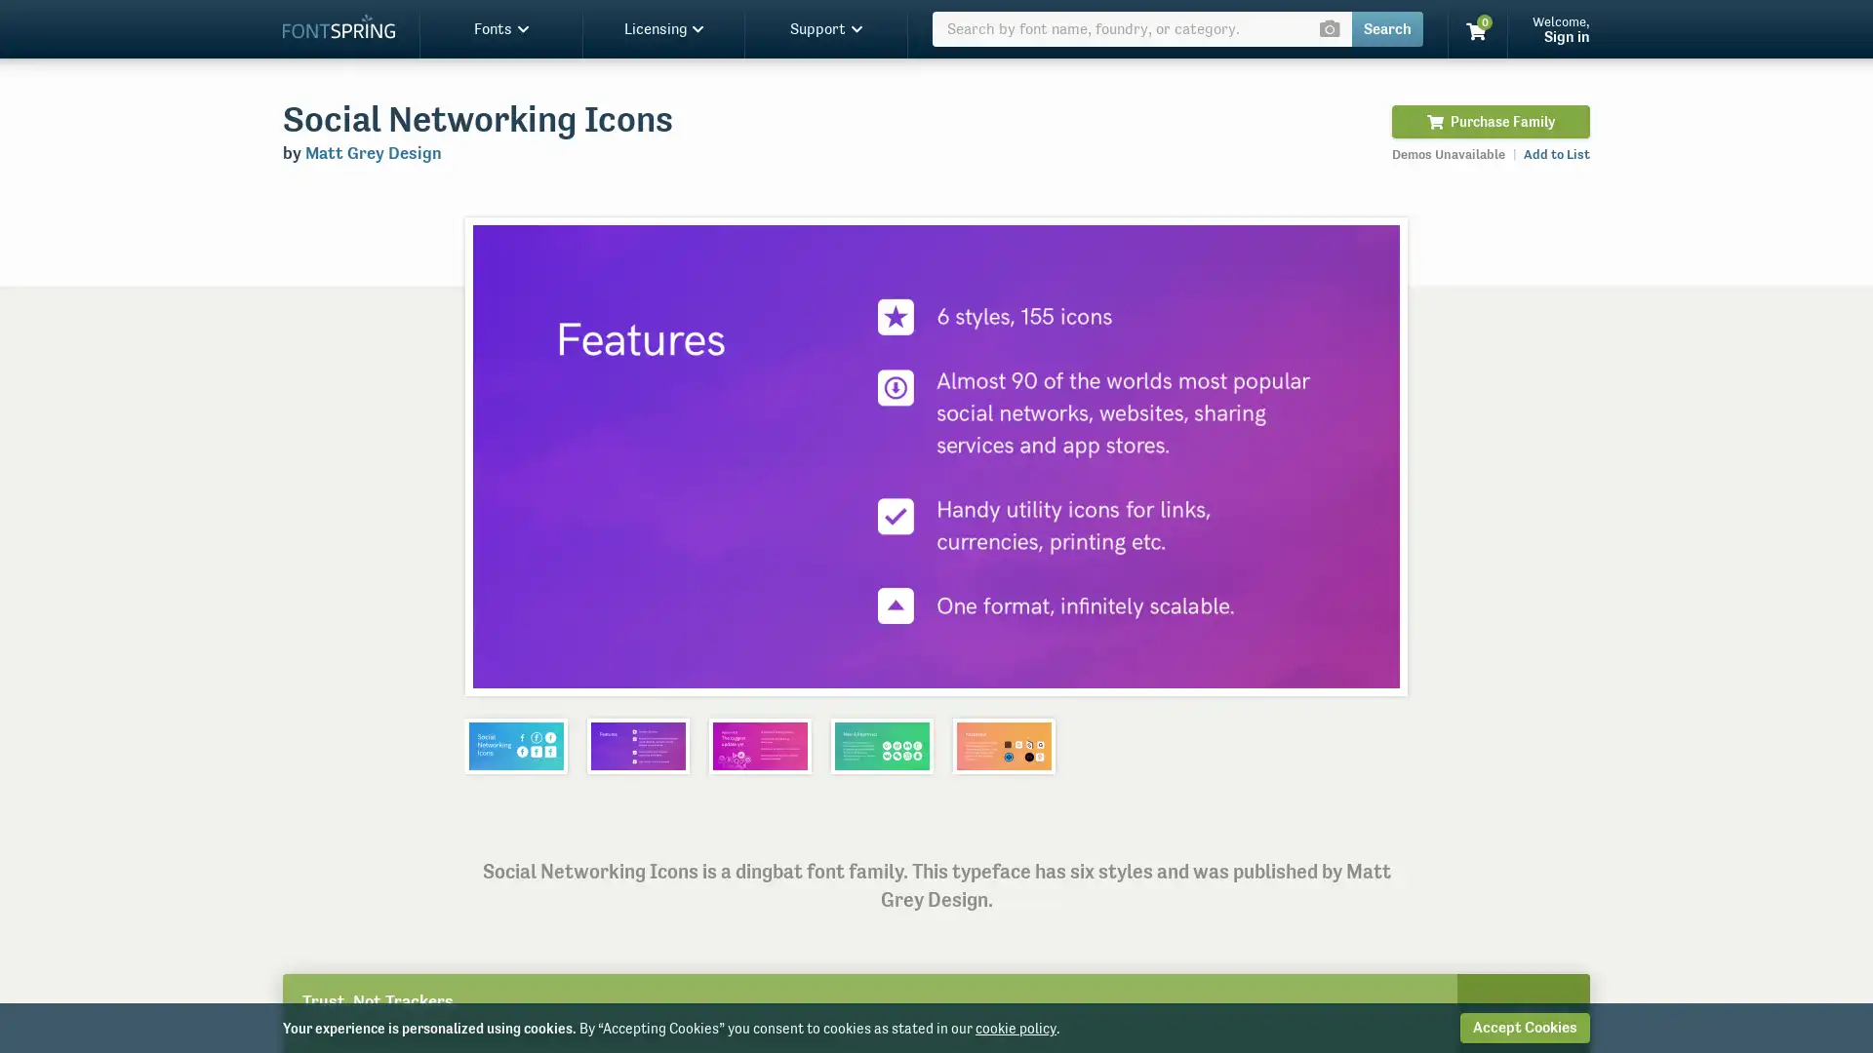 Image resolution: width=1873 pixels, height=1053 pixels. Describe the element at coordinates (1370, 455) in the screenshot. I see `Next slide` at that location.